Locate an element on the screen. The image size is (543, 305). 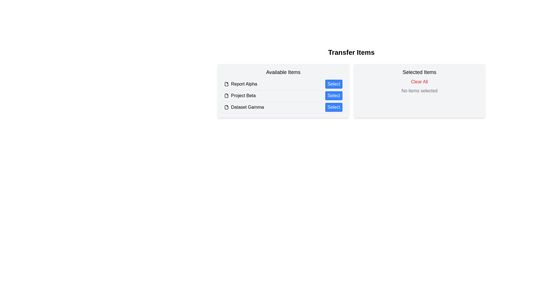
the document file icon located next to the text label 'Project Beta' in the 'Available Items' section is located at coordinates (227, 95).